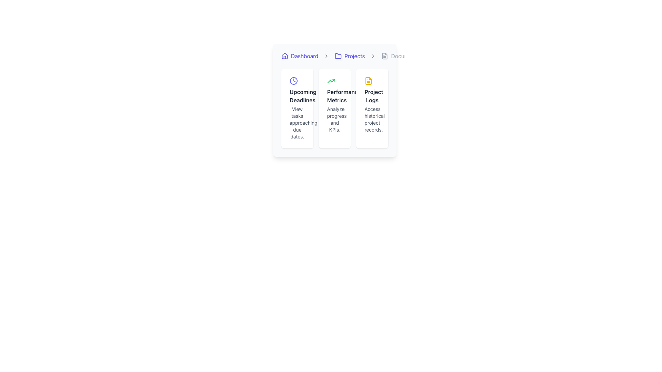 This screenshot has height=372, width=662. Describe the element at coordinates (331, 81) in the screenshot. I see `the progress or trend metrics icon located at the upper section of the 'Performance Metrics' card, which is the second card from the left` at that location.